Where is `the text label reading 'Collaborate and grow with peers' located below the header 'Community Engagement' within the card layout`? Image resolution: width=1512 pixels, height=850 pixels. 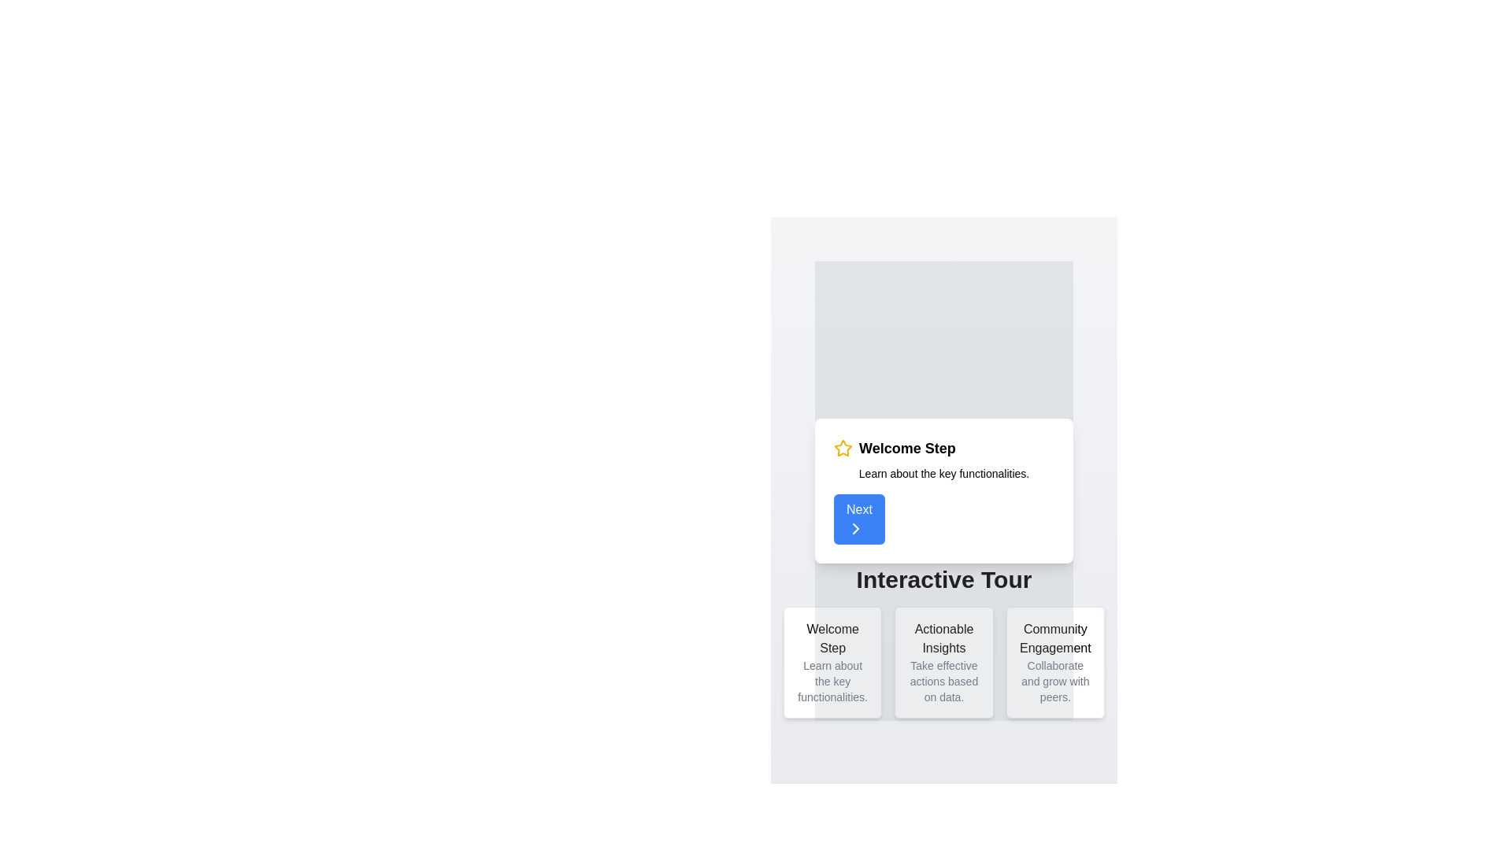
the text label reading 'Collaborate and grow with peers' located below the header 'Community Engagement' within the card layout is located at coordinates (1055, 681).